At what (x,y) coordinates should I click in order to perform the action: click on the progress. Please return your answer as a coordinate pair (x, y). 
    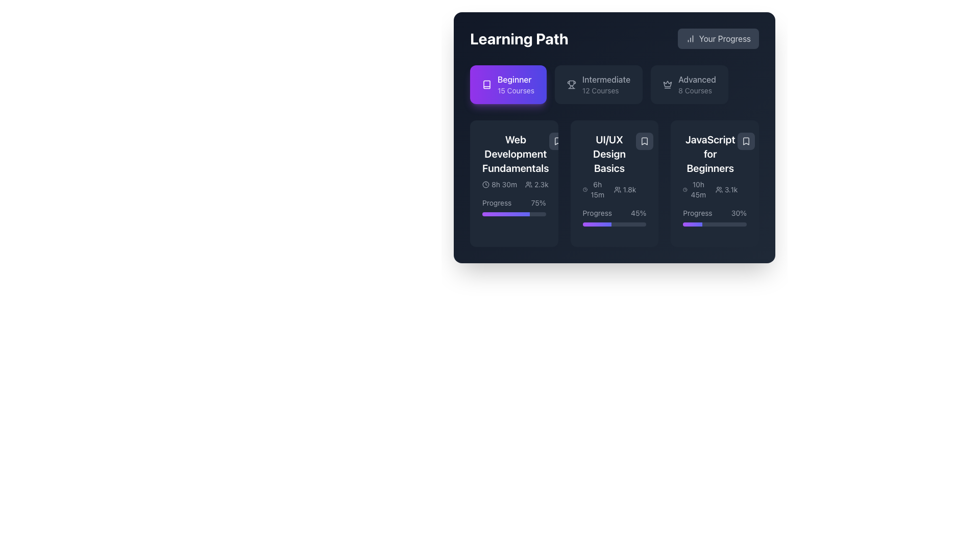
    Looking at the image, I should click on (483, 214).